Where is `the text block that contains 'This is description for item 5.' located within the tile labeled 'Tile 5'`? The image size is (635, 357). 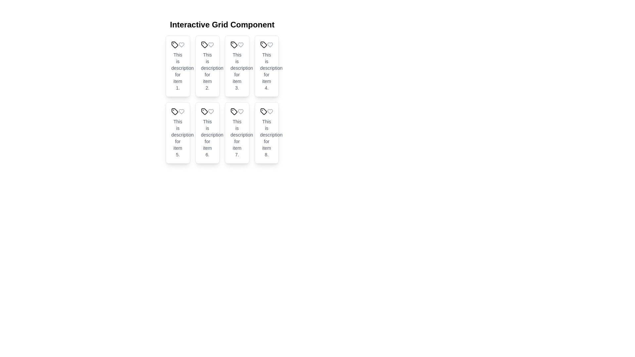 the text block that contains 'This is description for item 5.' located within the tile labeled 'Tile 5' is located at coordinates (178, 138).